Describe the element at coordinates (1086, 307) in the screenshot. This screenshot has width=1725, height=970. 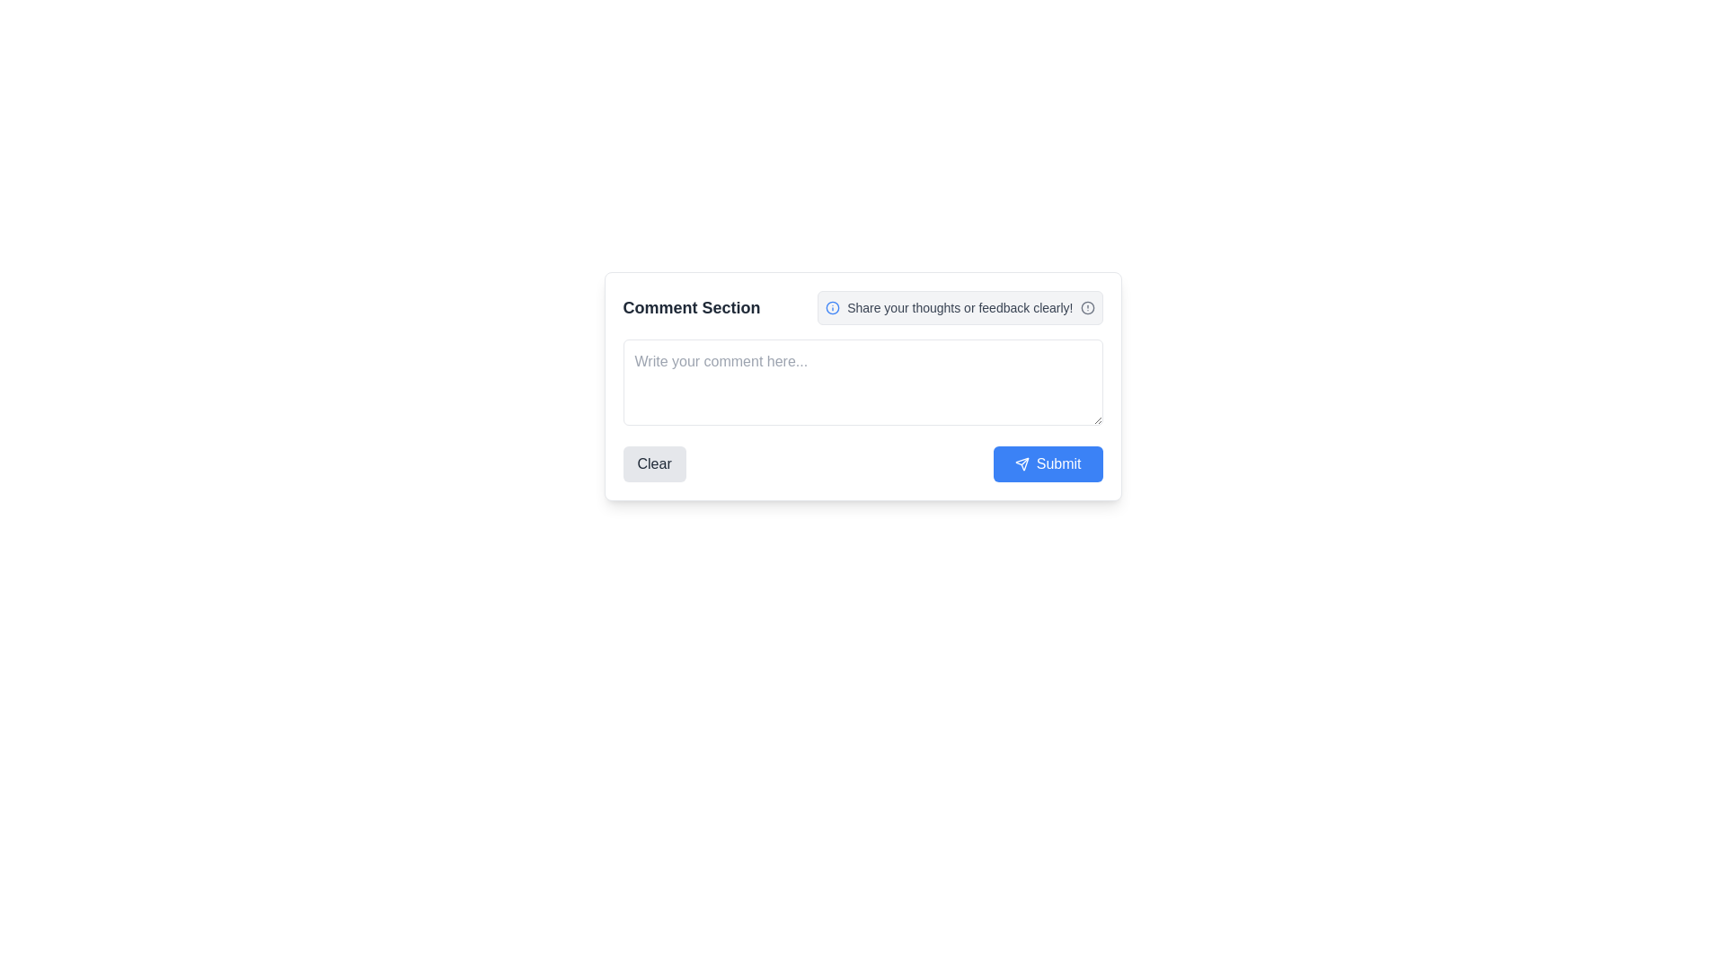
I see `the small circular gray icon with a border and inner dot, located to the left of the text 'Share your thoughts or feedback clearly!'` at that location.